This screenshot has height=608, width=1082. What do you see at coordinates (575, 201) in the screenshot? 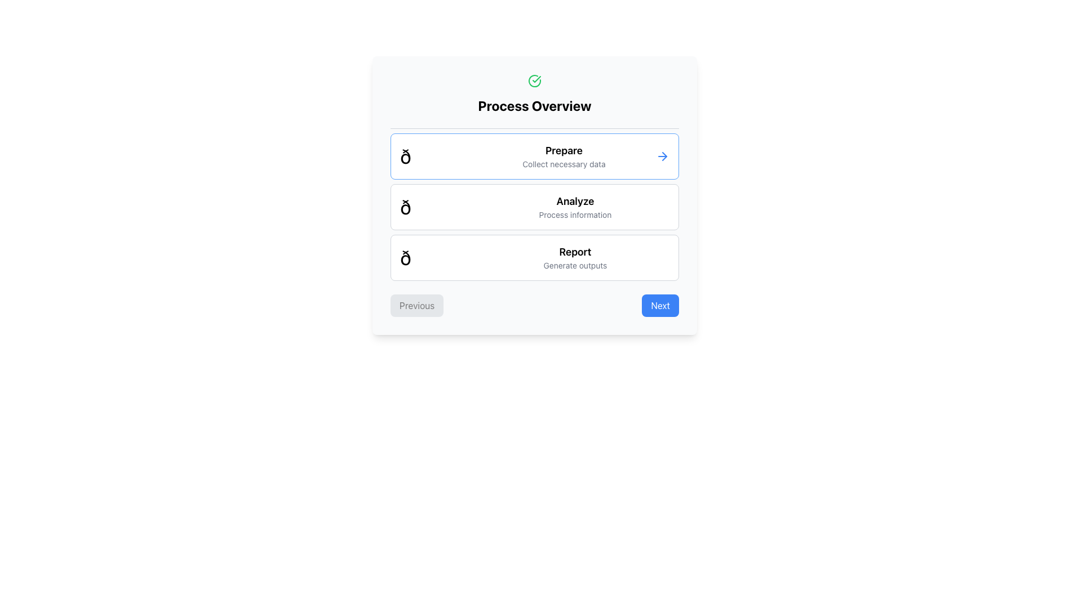
I see `the bold, black text label reading 'Analyze'` at bounding box center [575, 201].